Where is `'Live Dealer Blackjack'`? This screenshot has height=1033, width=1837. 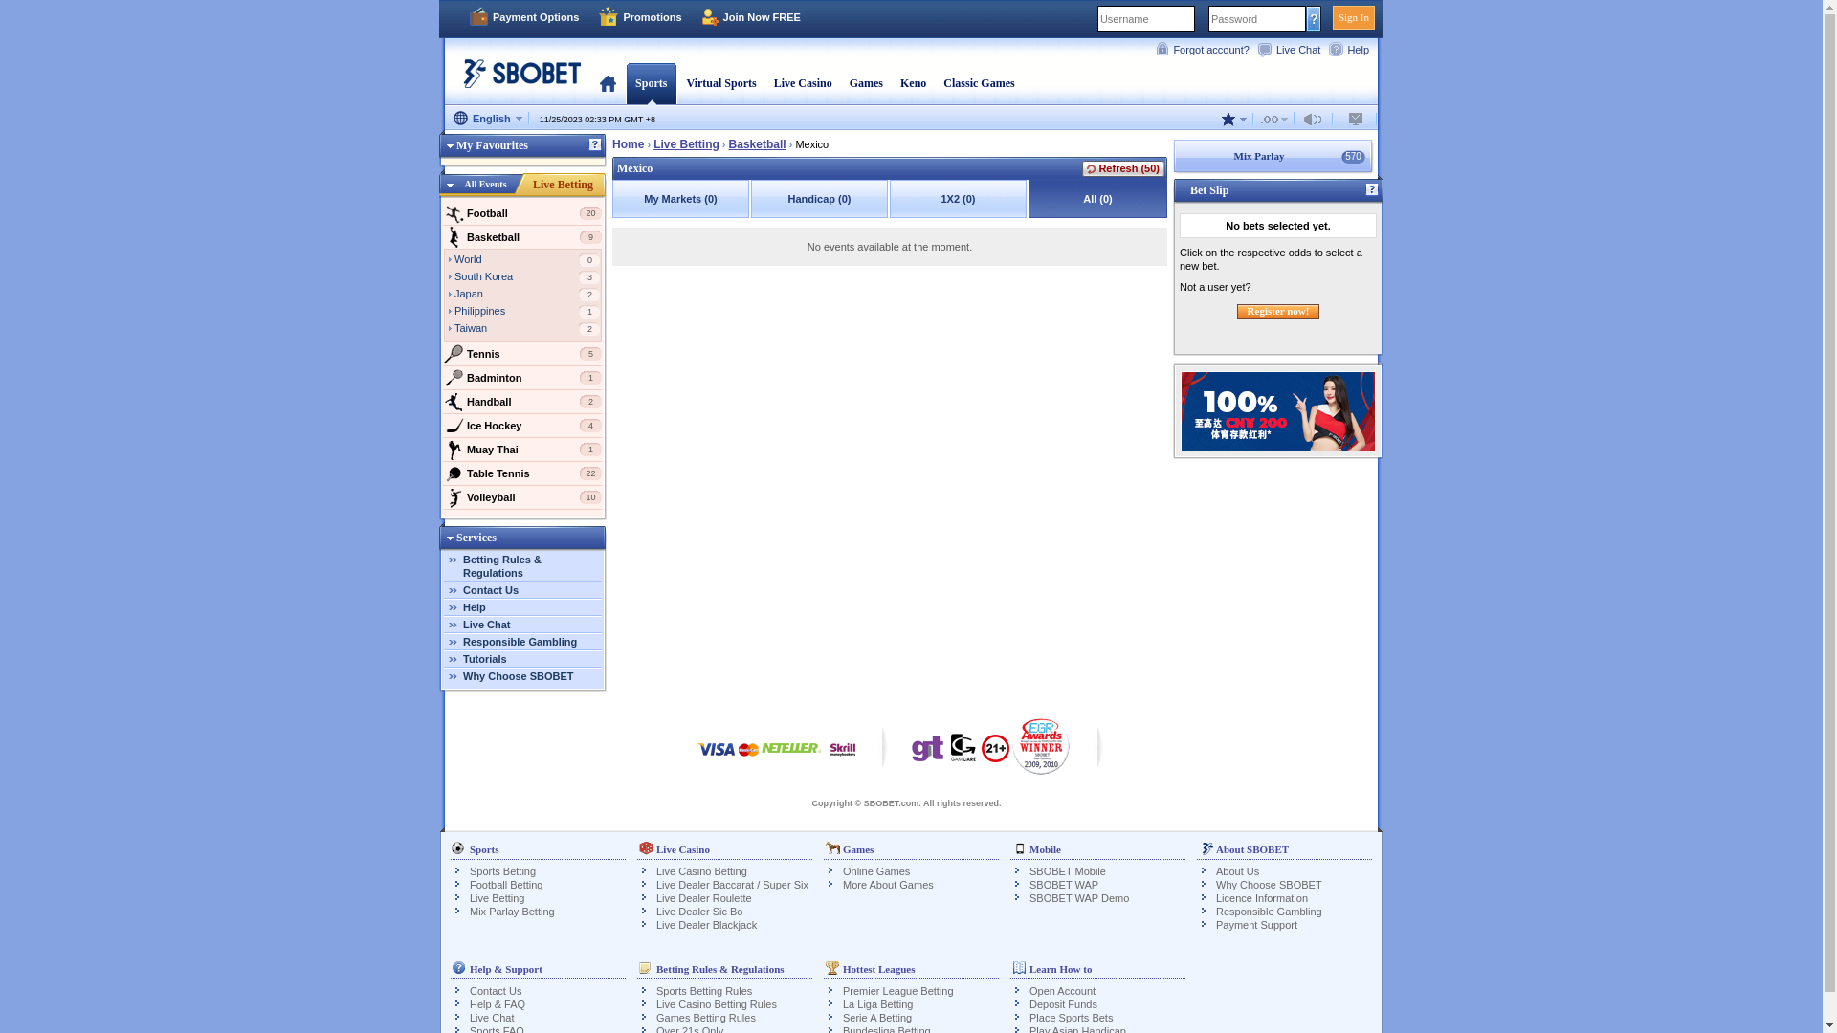
'Live Dealer Blackjack' is located at coordinates (705, 924).